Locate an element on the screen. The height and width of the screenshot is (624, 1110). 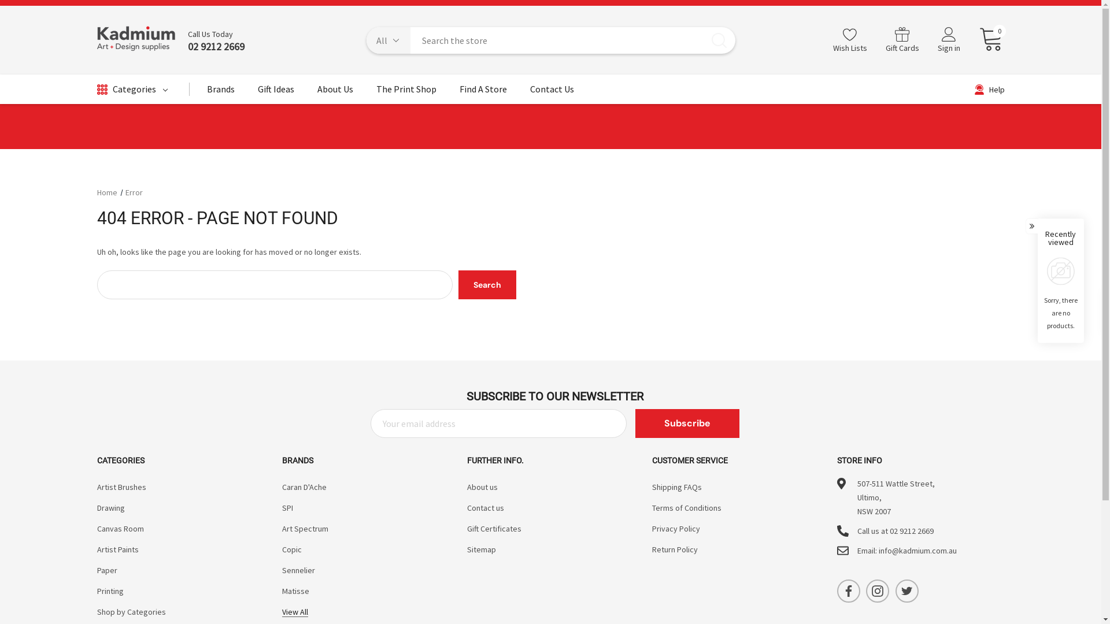
'Categories' is located at coordinates (132, 88).